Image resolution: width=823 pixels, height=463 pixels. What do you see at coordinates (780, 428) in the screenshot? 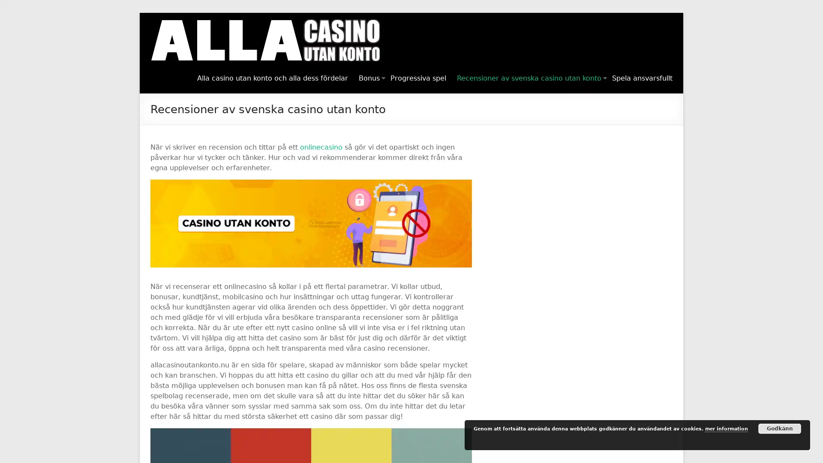
I see `Godkann` at bounding box center [780, 428].